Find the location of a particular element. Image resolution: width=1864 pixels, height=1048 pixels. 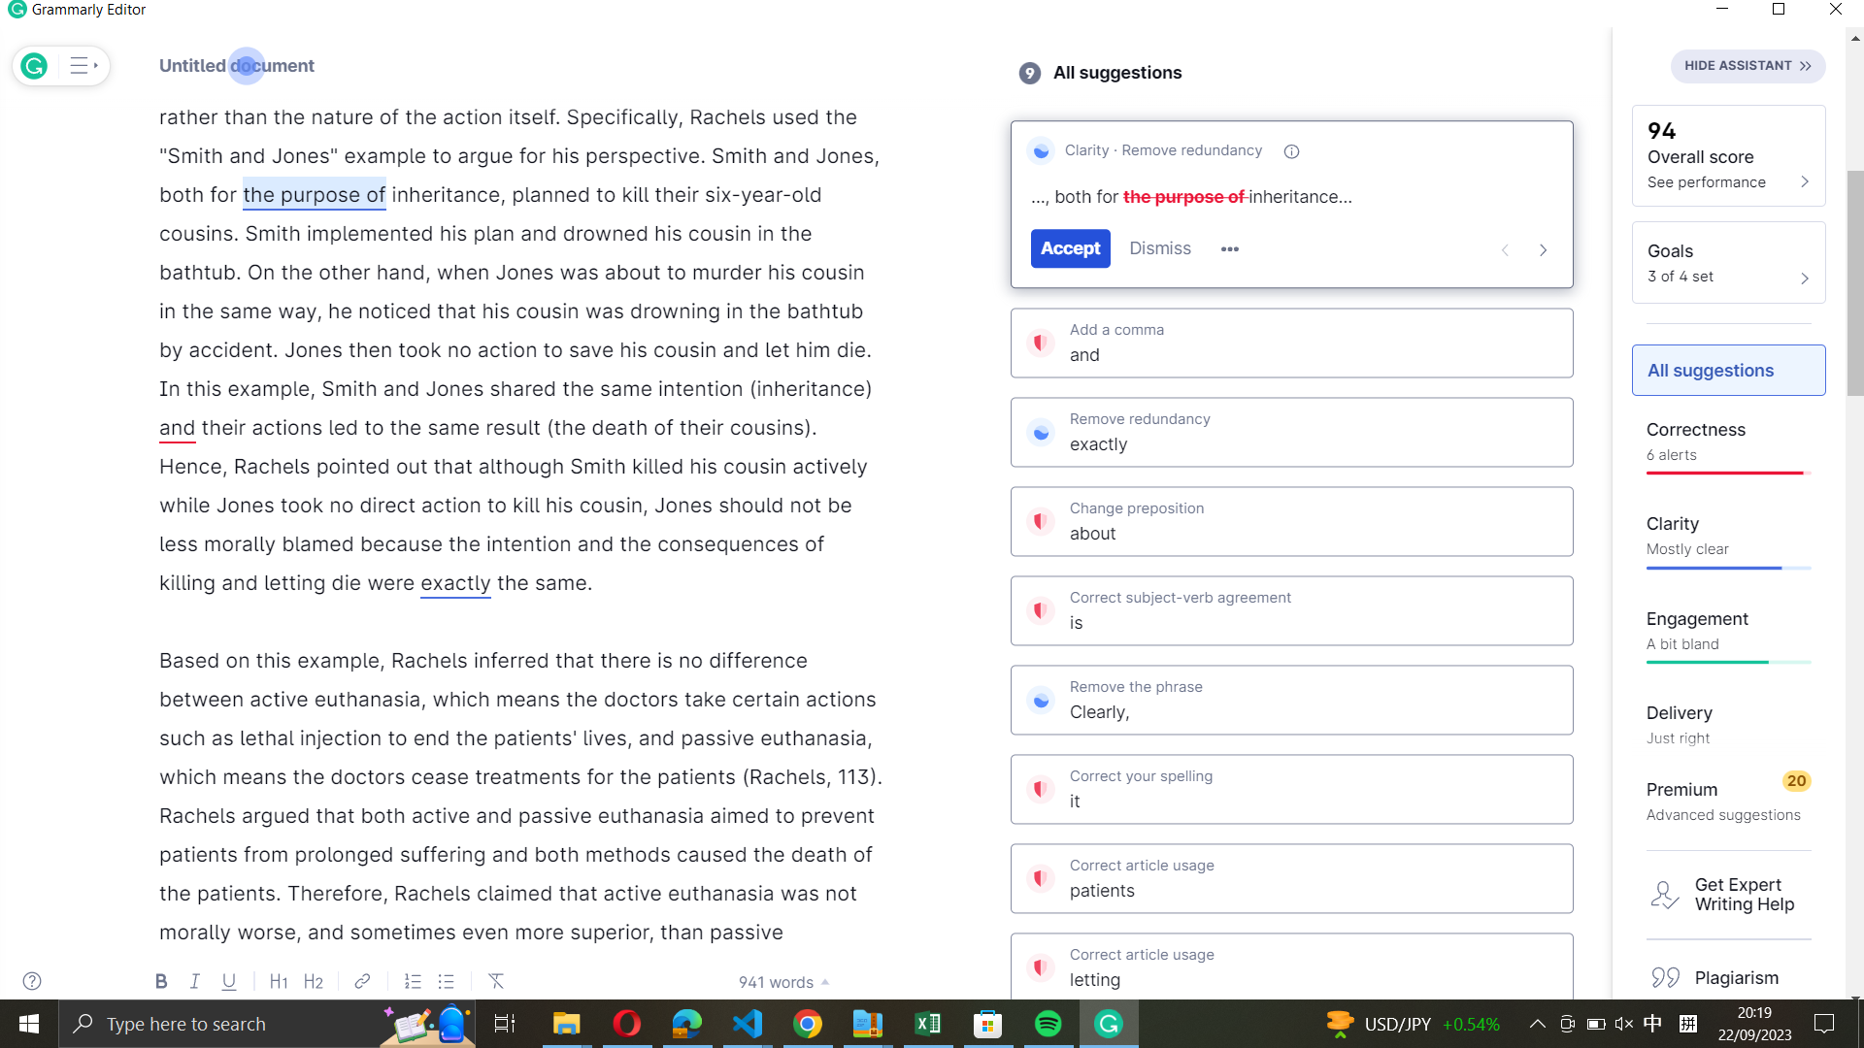

Fix "the purpose of" to Grammarly"s suggested clarity is located at coordinates (1068, 246).